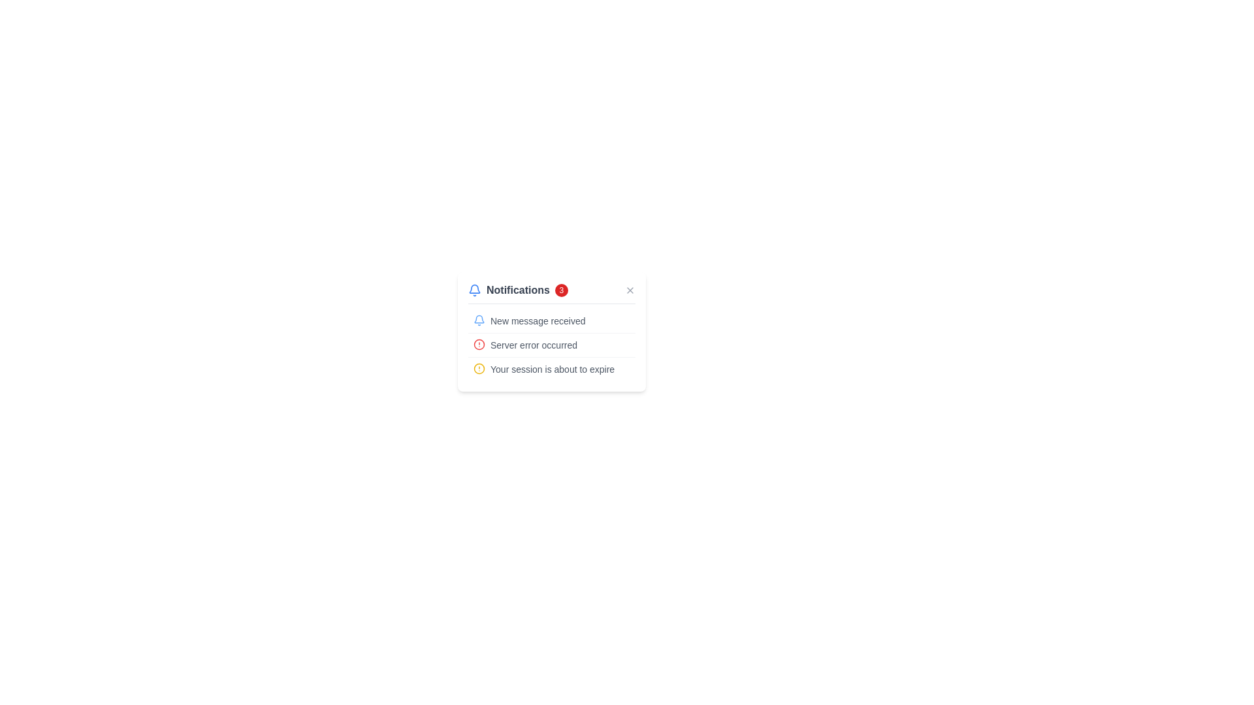 The height and width of the screenshot is (705, 1254). What do you see at coordinates (479, 368) in the screenshot?
I see `the circular icon with a yellow border, located to the left of the 'Server error occurred' text in the notification list` at bounding box center [479, 368].